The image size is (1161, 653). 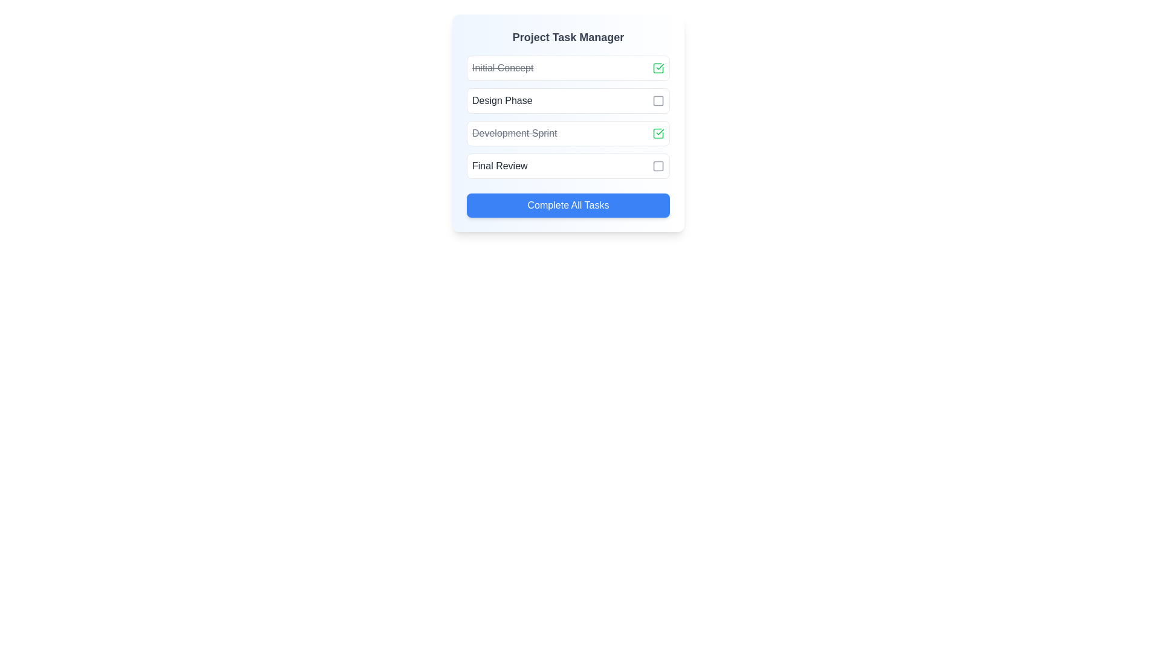 I want to click on the green checkmark icon located on the far right of the 'Development Sprint' row in the project tasks list, so click(x=658, y=133).